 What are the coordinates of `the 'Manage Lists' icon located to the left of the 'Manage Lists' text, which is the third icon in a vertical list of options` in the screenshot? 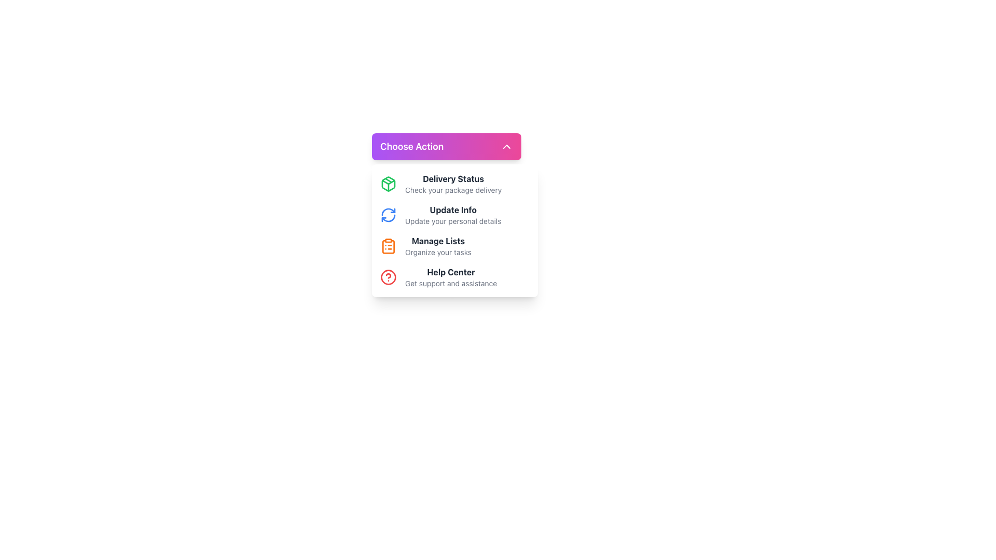 It's located at (388, 246).